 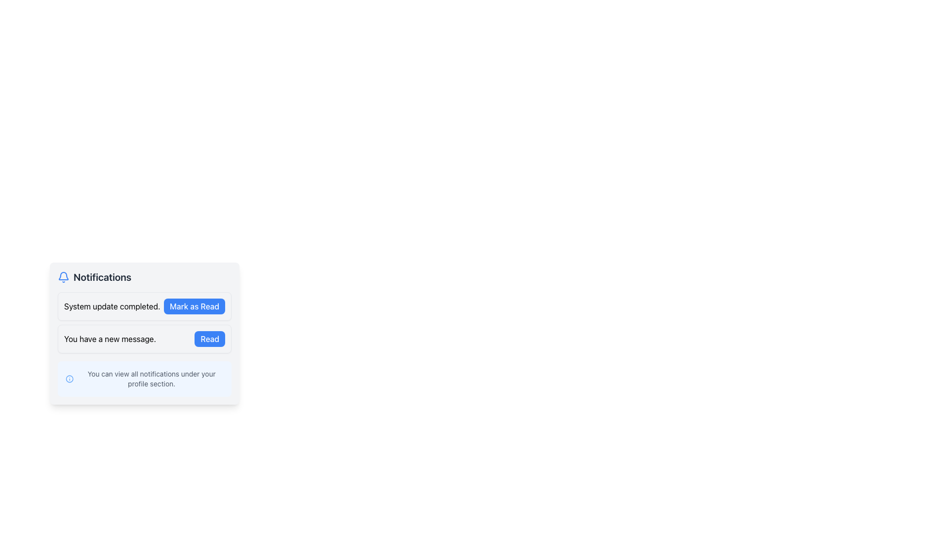 What do you see at coordinates (194, 306) in the screenshot?
I see `the 'Mark as Read' button` at bounding box center [194, 306].